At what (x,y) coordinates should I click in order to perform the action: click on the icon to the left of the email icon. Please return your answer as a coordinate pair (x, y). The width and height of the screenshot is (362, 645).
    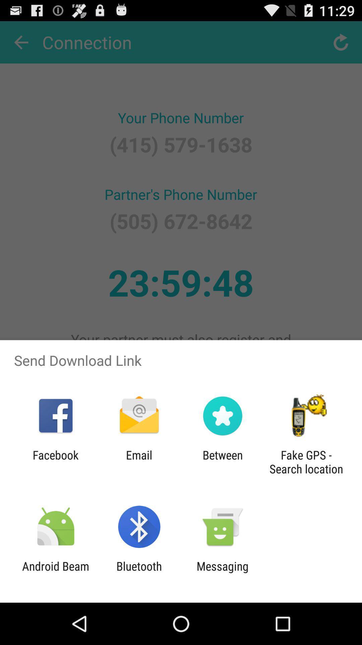
    Looking at the image, I should click on (55, 462).